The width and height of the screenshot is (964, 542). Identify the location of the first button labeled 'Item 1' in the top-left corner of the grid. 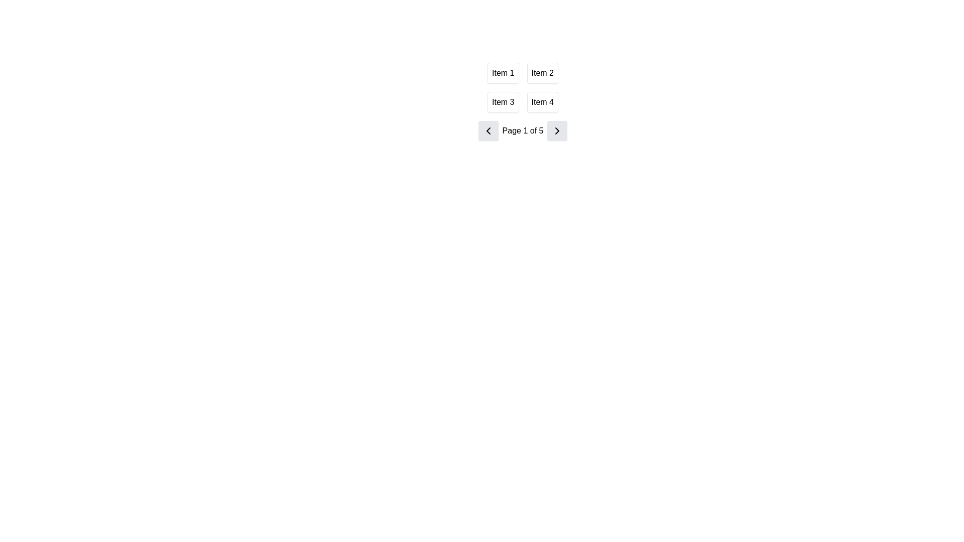
(503, 73).